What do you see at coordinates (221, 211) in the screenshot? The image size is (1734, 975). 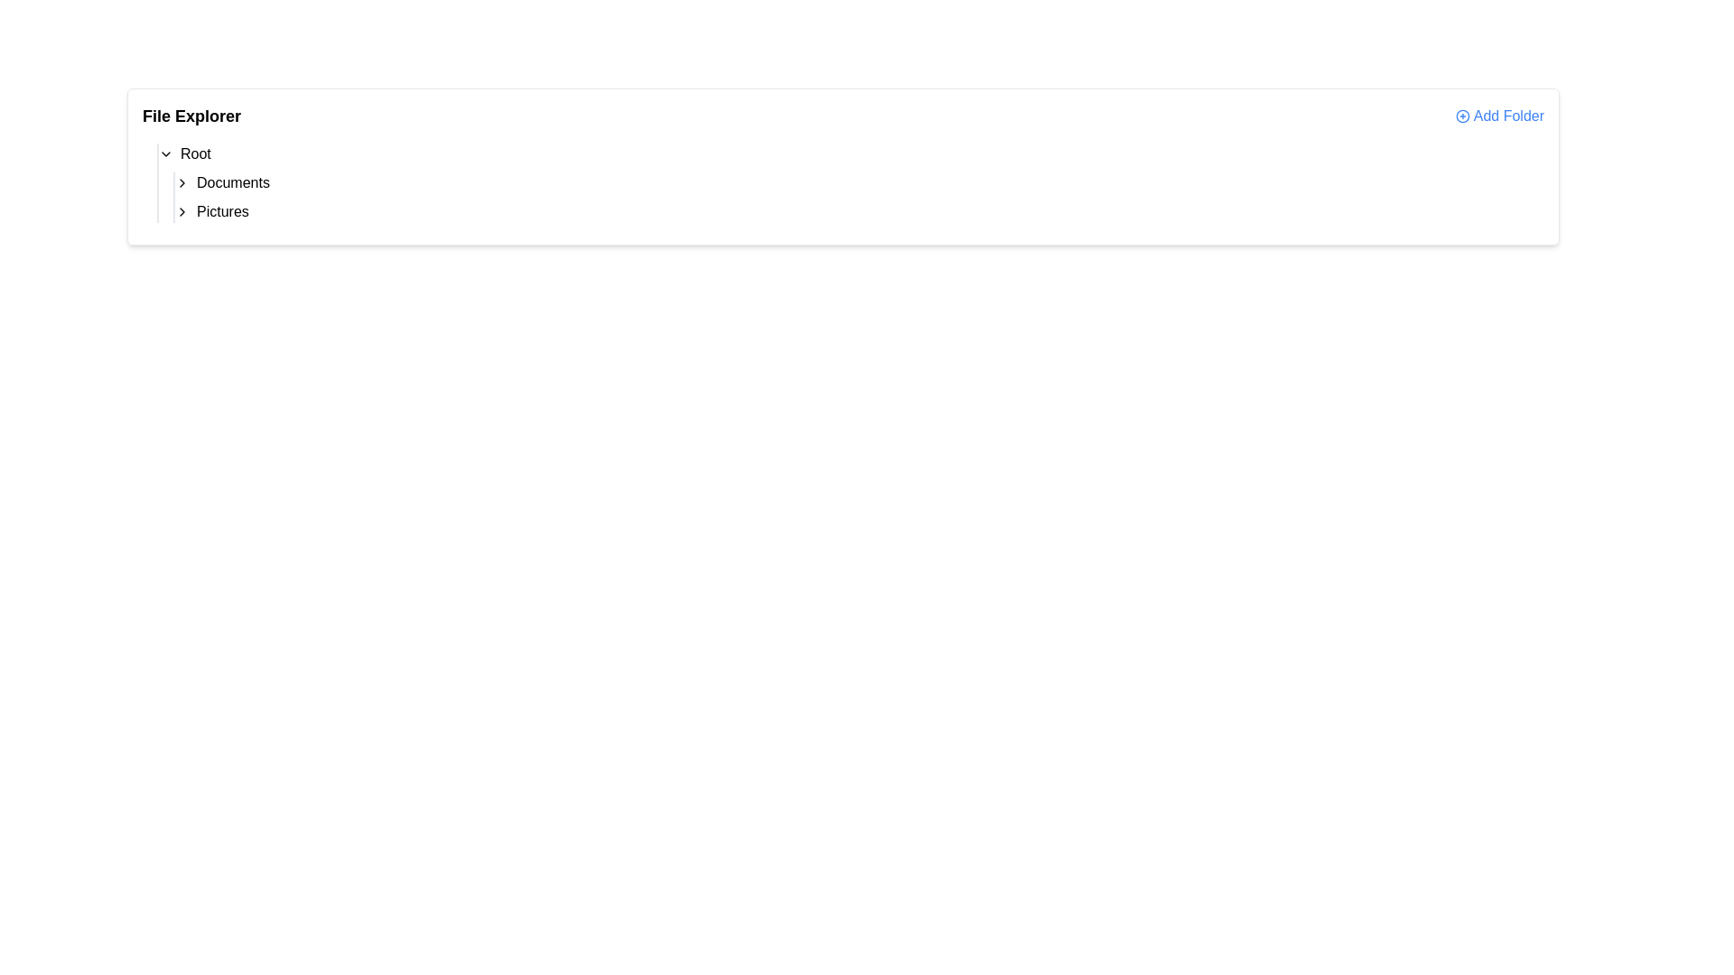 I see `the 'Pictures' text label in the file explorer interface` at bounding box center [221, 211].